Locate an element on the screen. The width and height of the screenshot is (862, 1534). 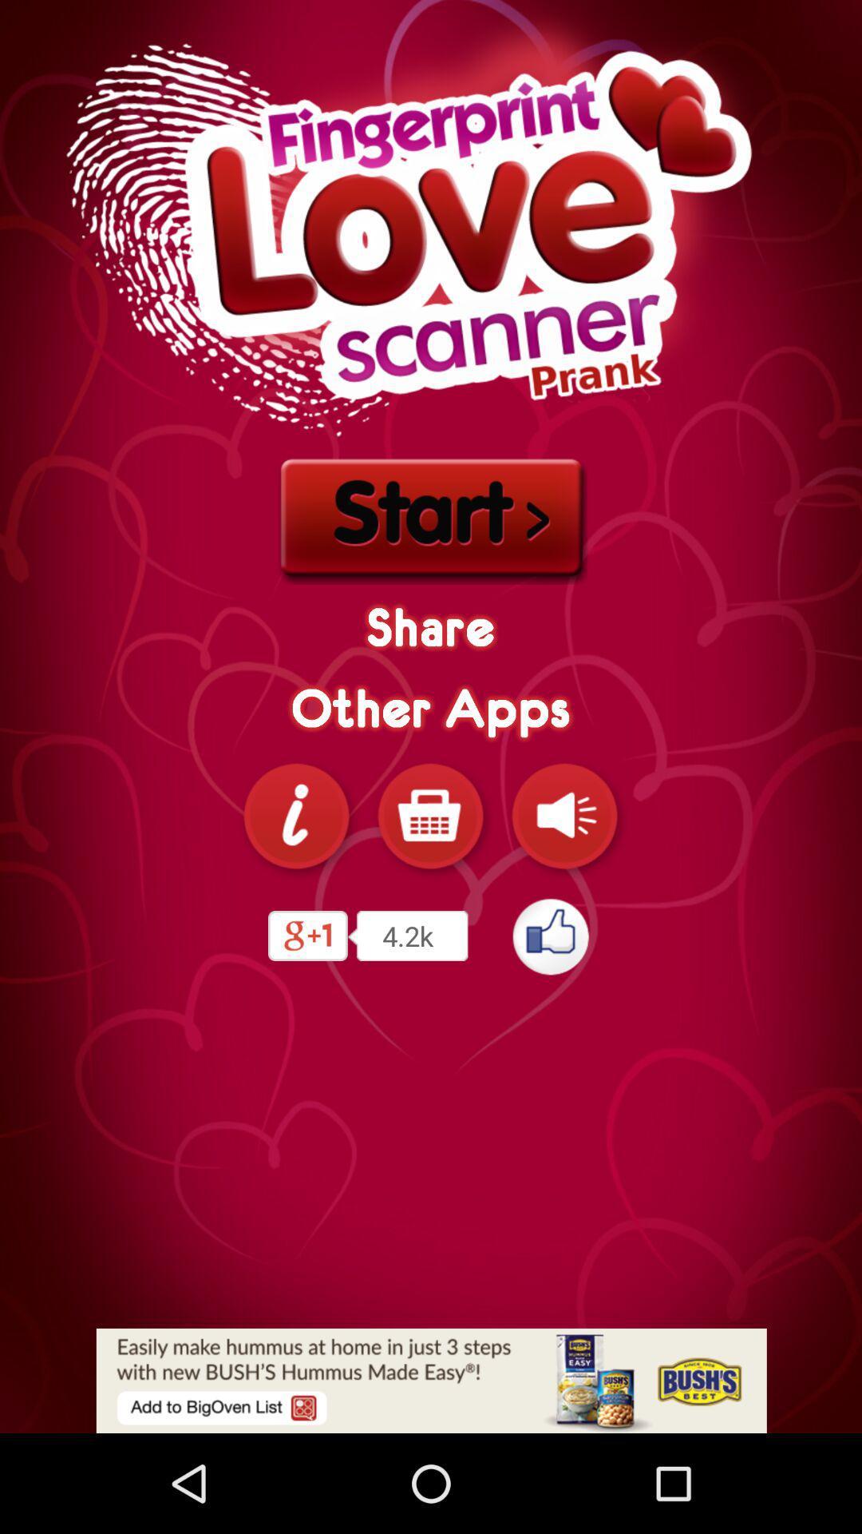
more information is located at coordinates (296, 816).